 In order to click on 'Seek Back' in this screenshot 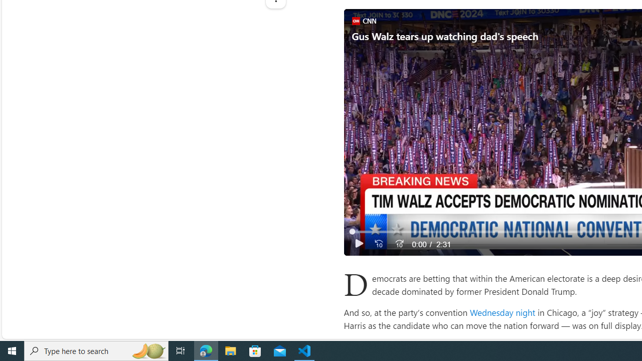, I will do `click(378, 244)`.